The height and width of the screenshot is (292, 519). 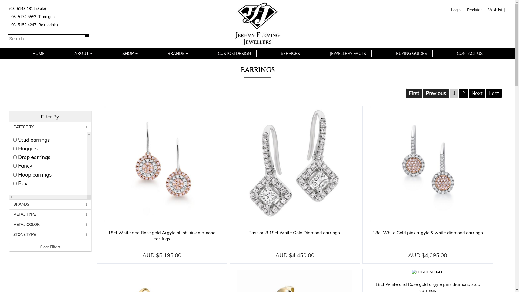 What do you see at coordinates (257, 24) in the screenshot?
I see `'Jeremy Fleming Jewellers In Sale & Traralgon, VIC '` at bounding box center [257, 24].